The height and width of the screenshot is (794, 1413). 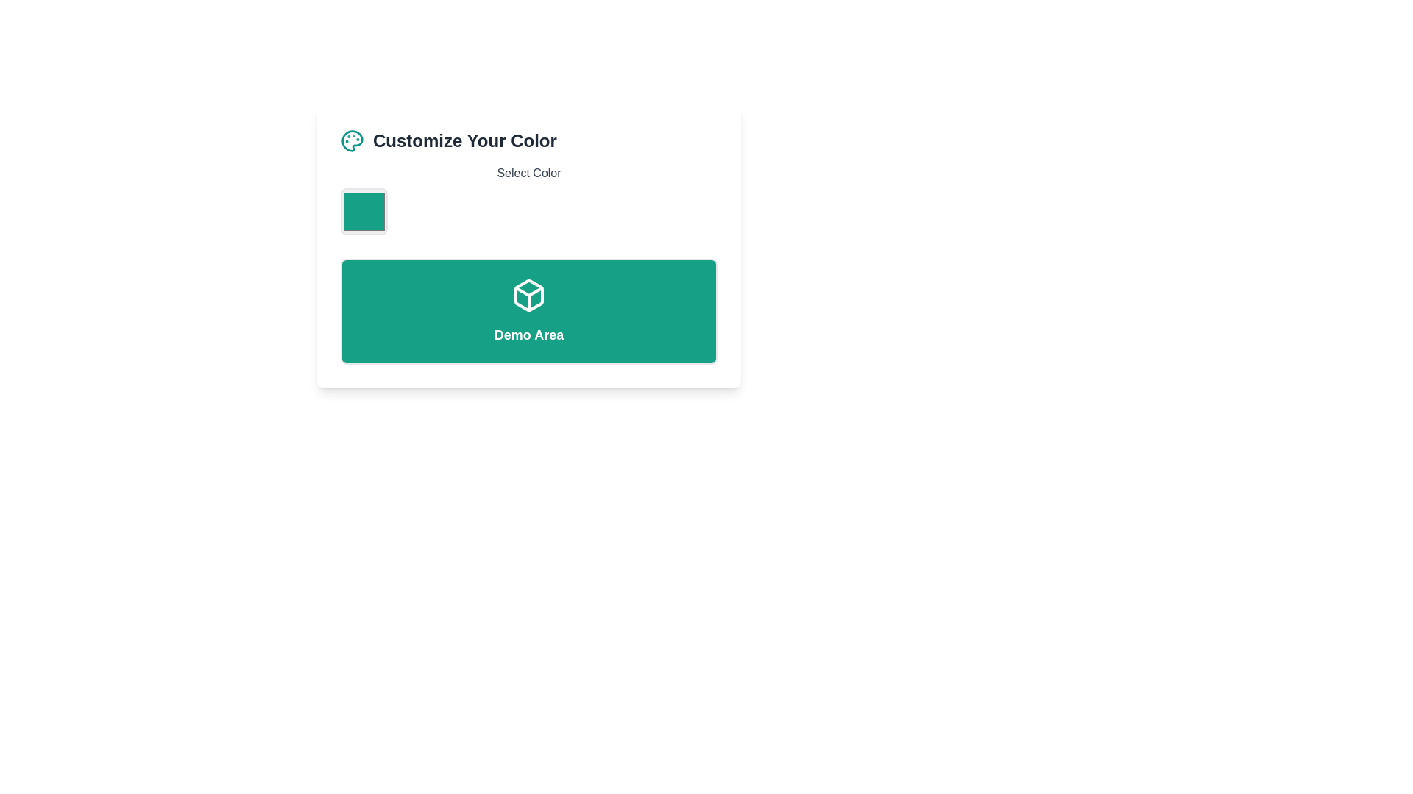 I want to click on the icon in the 'Demo Area' section, which is centered in the middle-bottom area of the card interface and has a descriptive label below it, so click(x=529, y=295).